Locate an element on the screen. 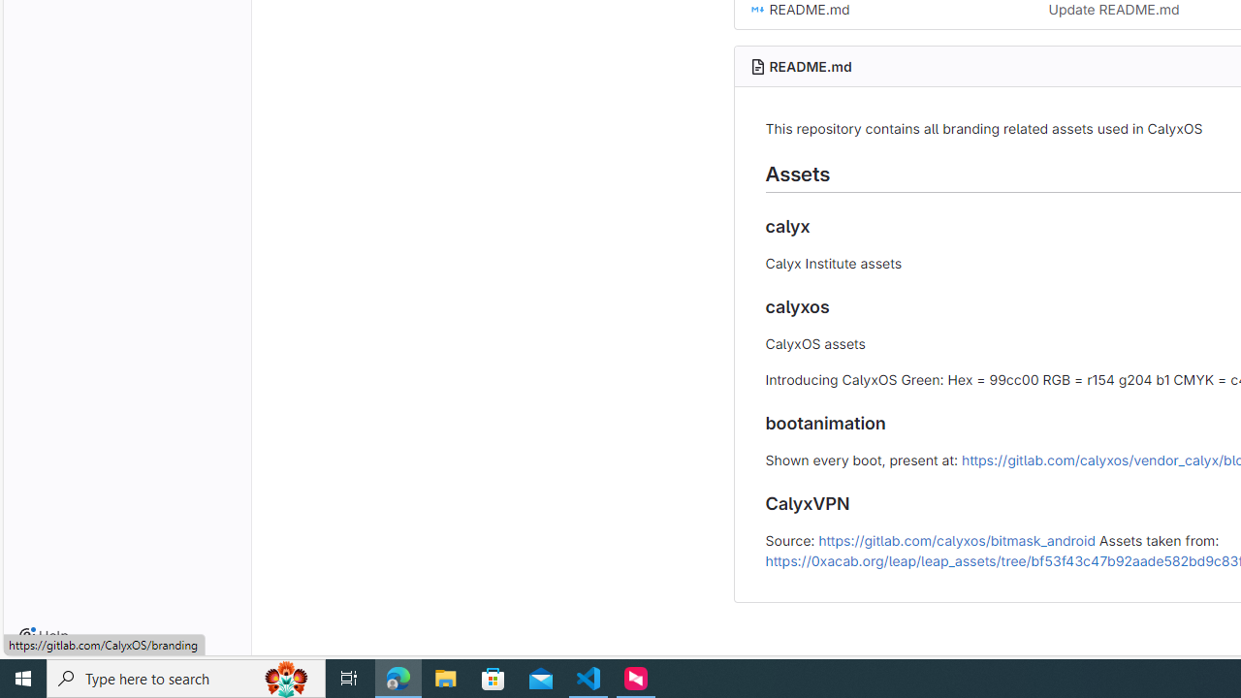 The height and width of the screenshot is (698, 1241). 'https://gitlab.com/calyxos/bitmask_android' is located at coordinates (956, 539).